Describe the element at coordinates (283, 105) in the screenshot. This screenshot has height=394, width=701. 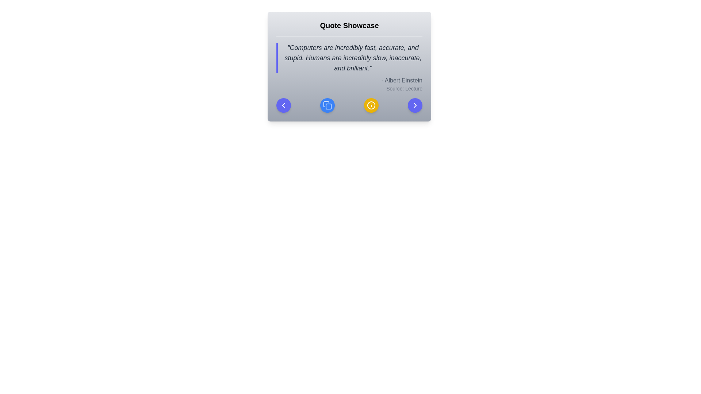
I see `the navigational button that allows the user to move to the previous quote in the showcase` at that location.